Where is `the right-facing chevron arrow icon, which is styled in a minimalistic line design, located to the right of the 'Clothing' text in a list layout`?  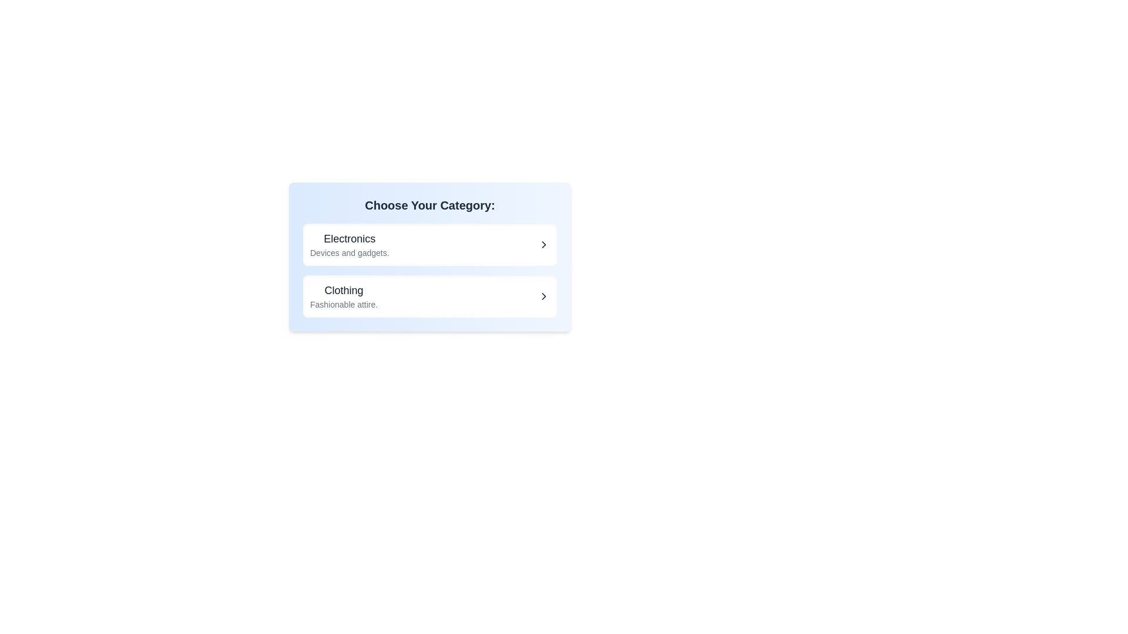 the right-facing chevron arrow icon, which is styled in a minimalistic line design, located to the right of the 'Clothing' text in a list layout is located at coordinates (543, 296).